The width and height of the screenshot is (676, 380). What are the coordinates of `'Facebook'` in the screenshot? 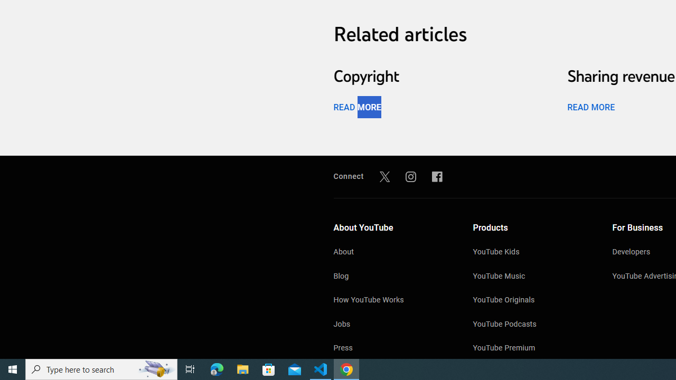 It's located at (437, 176).